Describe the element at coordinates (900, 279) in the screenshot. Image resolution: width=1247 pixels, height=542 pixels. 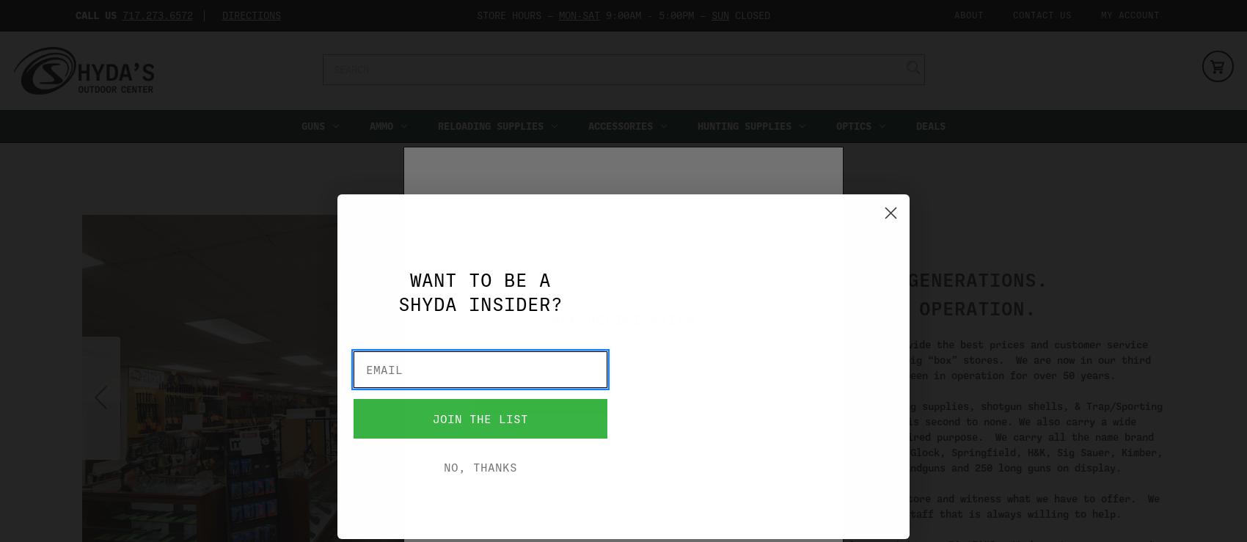
I see `'THREE FAMILY GENERATIONS.'` at that location.